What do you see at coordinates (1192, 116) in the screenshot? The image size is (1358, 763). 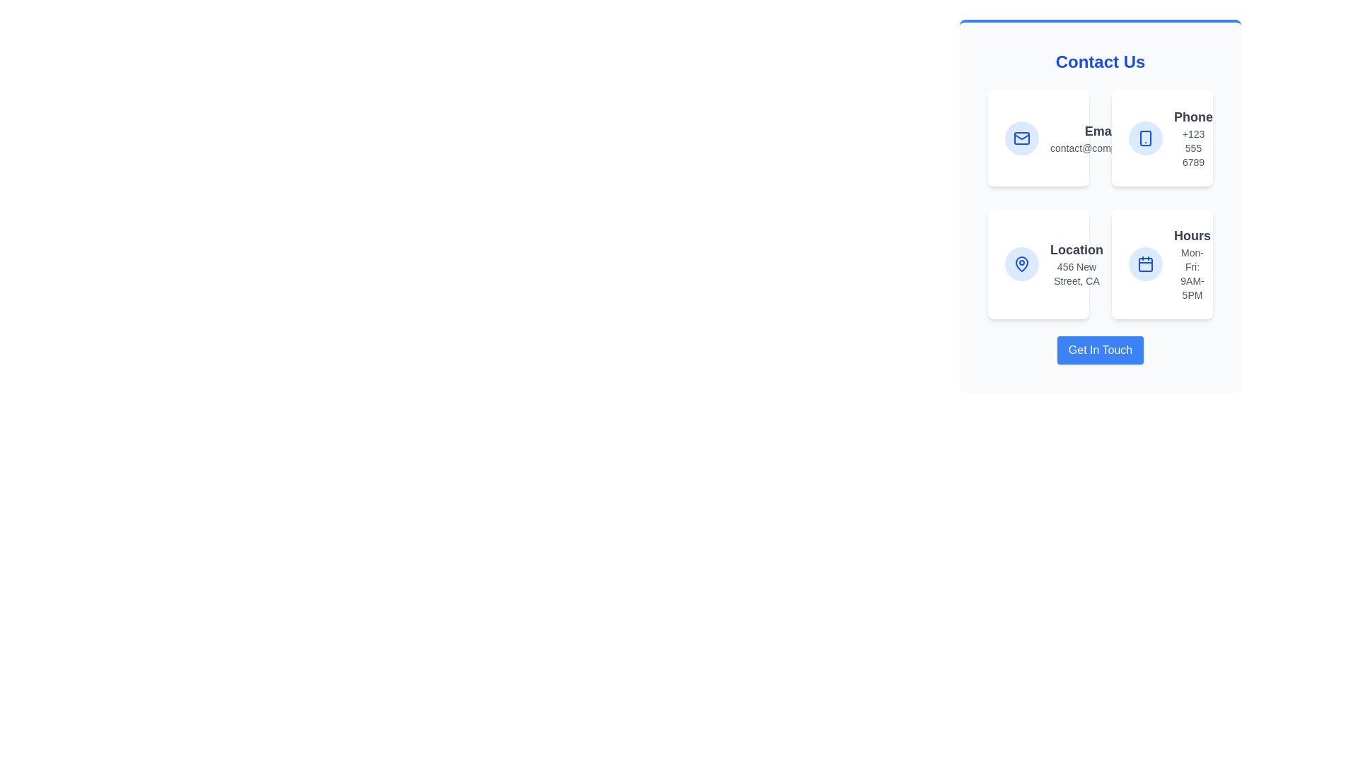 I see `the 'Phone' text label, which is bold and gray, located in the top-right quadrant of the 'Contact Us' interface, above the '+123 555 6789' text` at bounding box center [1192, 116].